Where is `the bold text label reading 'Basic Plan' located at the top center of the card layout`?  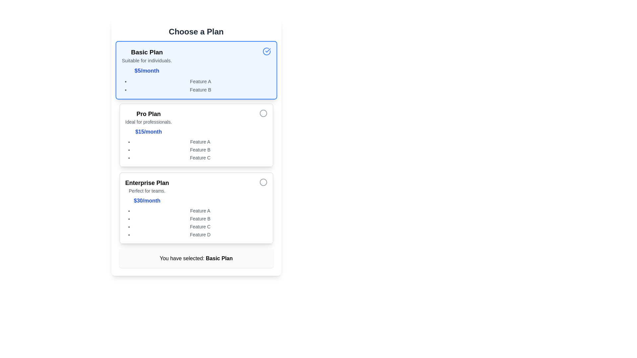 the bold text label reading 'Basic Plan' located at the top center of the card layout is located at coordinates (146, 52).